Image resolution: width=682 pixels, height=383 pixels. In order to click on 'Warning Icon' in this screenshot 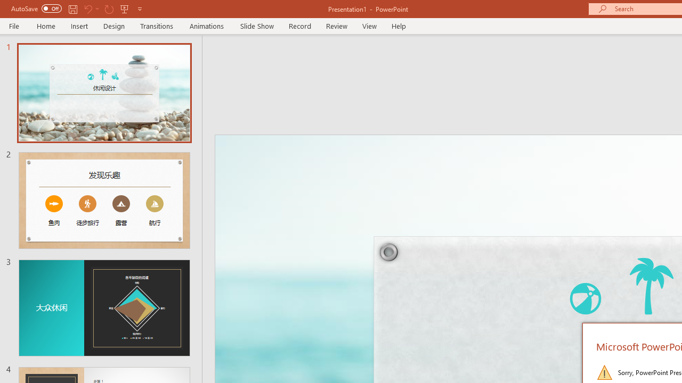, I will do `click(604, 371)`.